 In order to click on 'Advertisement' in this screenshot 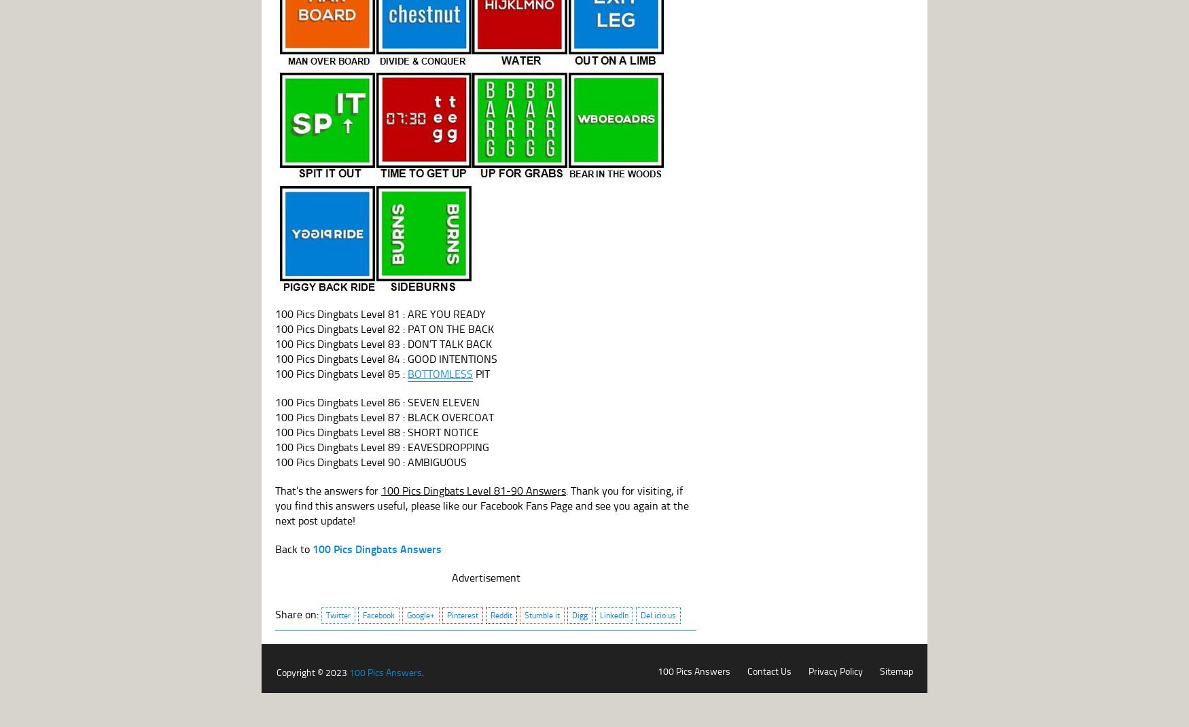, I will do `click(485, 577)`.